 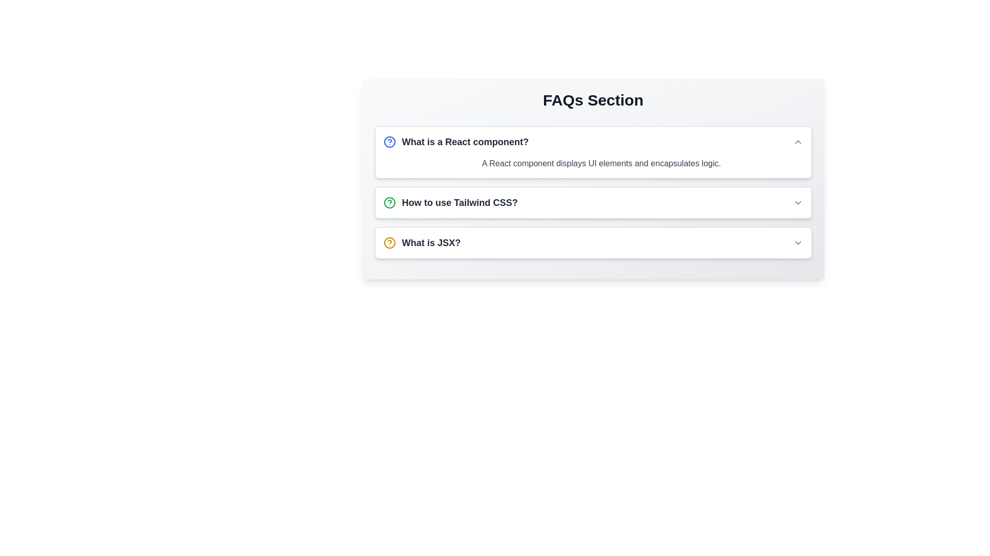 What do you see at coordinates (459, 202) in the screenshot?
I see `the text label that reads 'How to use Tailwind CSS?' which is prominently displayed in the middle of a collapsible FAQ item section` at bounding box center [459, 202].